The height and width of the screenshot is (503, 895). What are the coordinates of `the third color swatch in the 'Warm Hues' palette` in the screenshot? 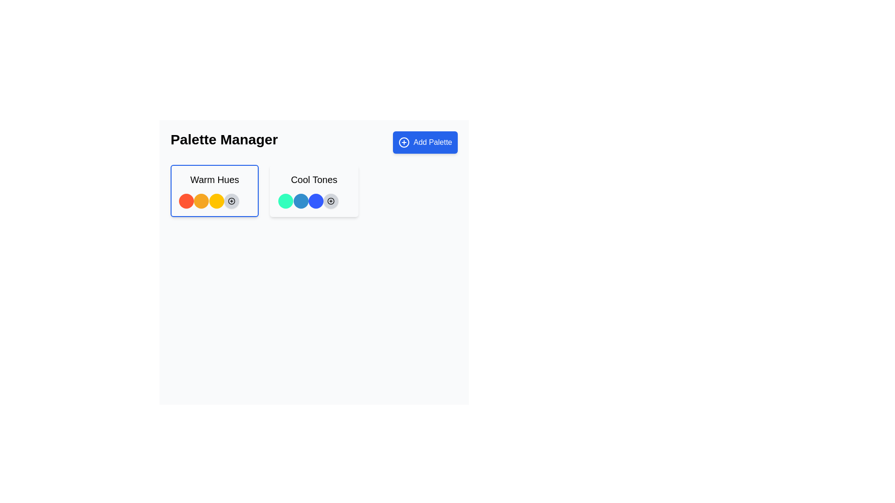 It's located at (216, 201).